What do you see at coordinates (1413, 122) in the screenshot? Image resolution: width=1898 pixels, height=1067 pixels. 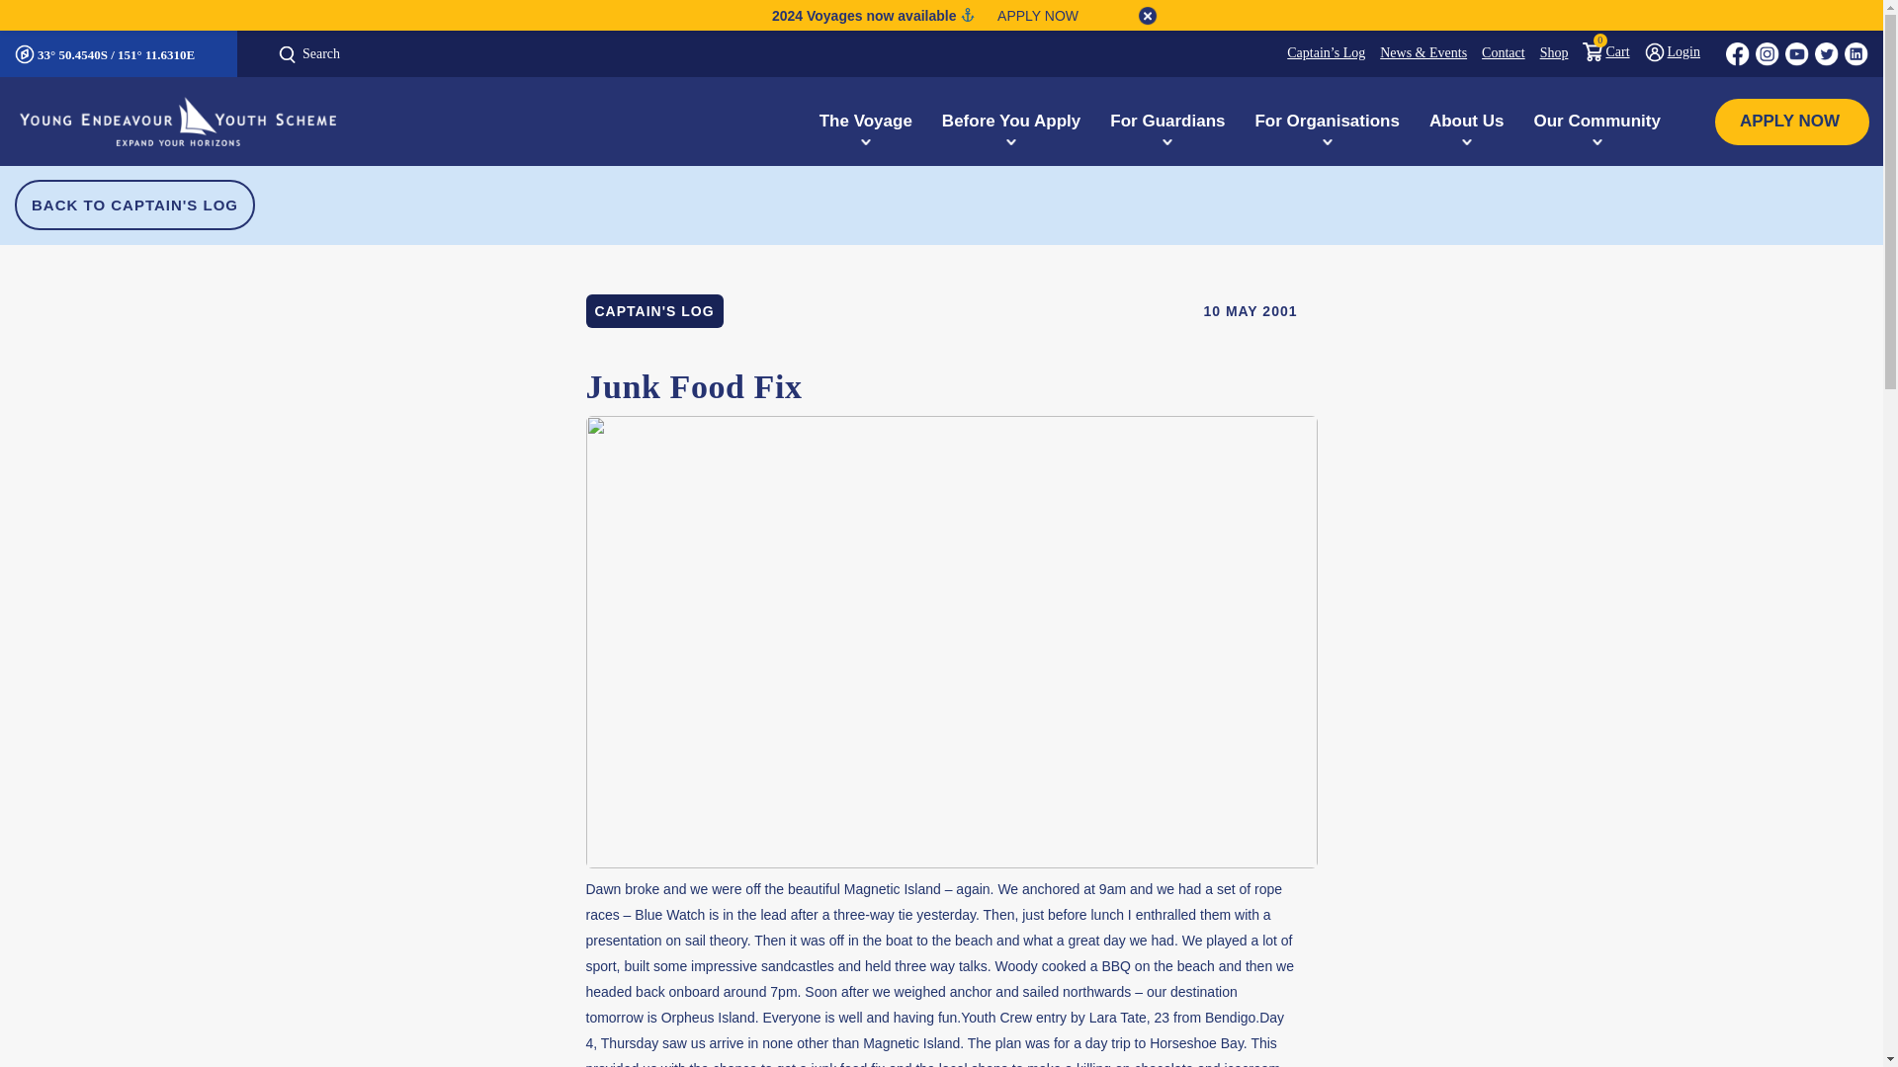 I see `'About Us'` at bounding box center [1413, 122].